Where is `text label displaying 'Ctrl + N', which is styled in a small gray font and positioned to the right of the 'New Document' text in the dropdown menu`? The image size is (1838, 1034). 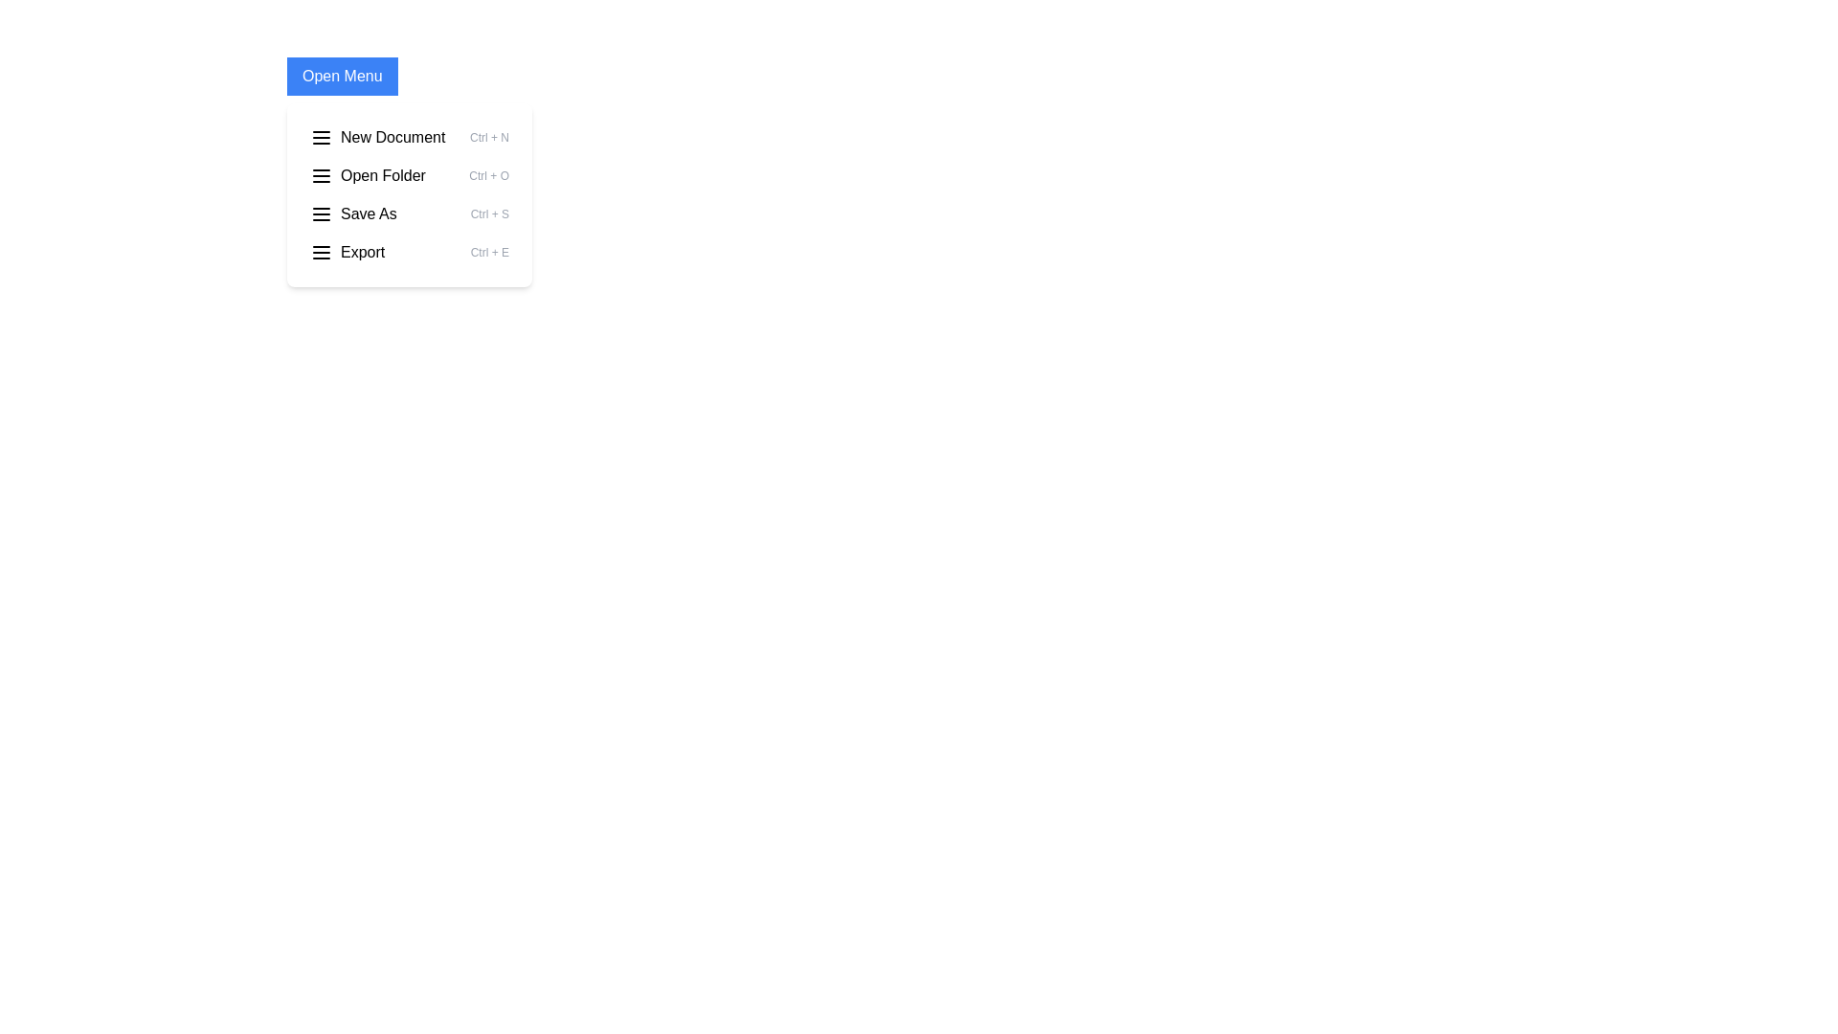
text label displaying 'Ctrl + N', which is styled in a small gray font and positioned to the right of the 'New Document' text in the dropdown menu is located at coordinates (489, 136).